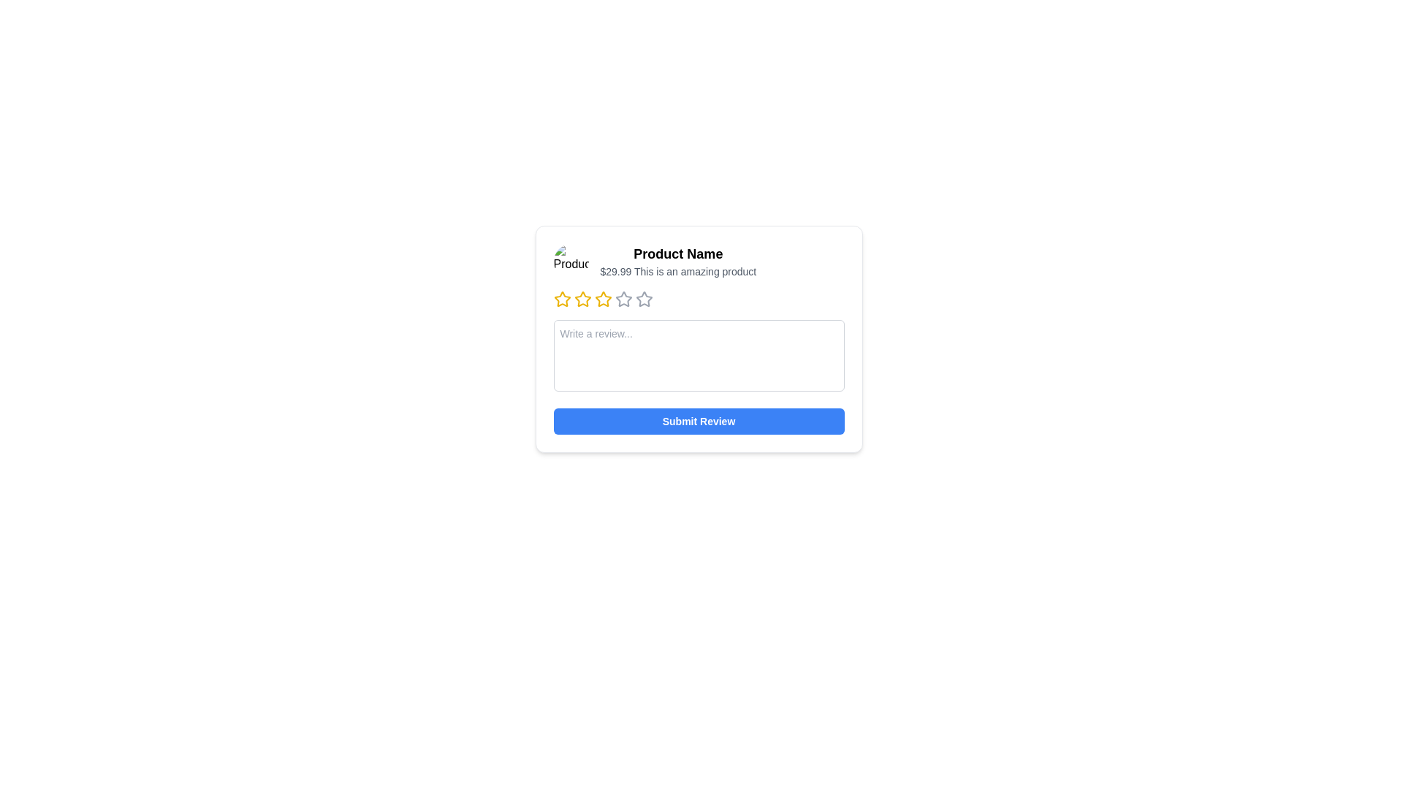  Describe the element at coordinates (698, 422) in the screenshot. I see `the submit button located at the bottom of the review panel` at that location.